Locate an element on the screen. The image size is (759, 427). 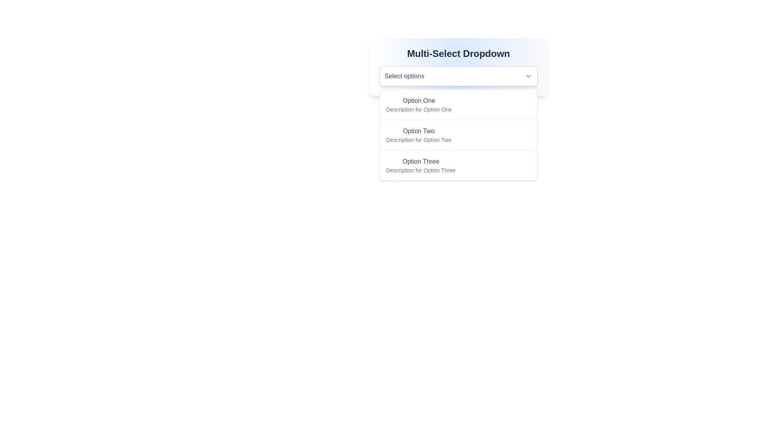
the static text that provides additional descriptive information about the 'Option Two' option in the dropdown, located directly beneath 'Option Two' is located at coordinates (418, 140).